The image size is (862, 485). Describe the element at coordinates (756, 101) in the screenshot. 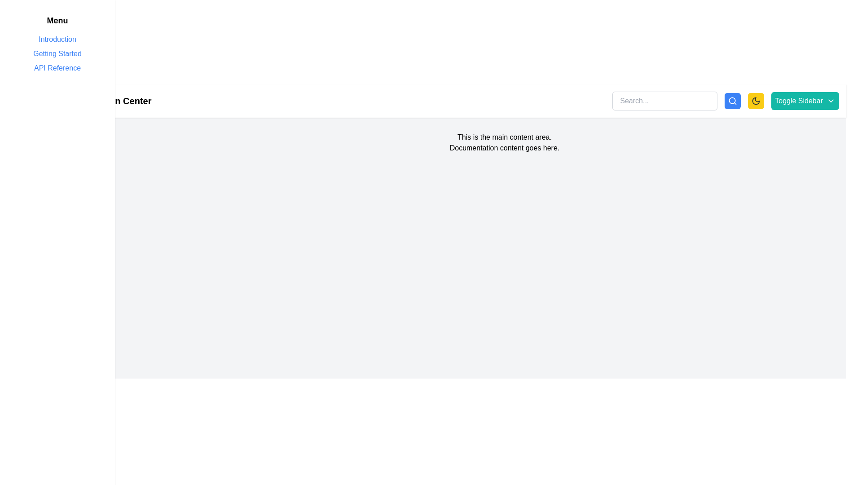

I see `the moon icon embedded within the toggle button in the header section` at that location.